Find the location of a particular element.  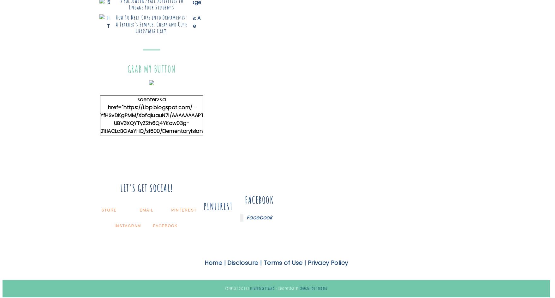

'Email' is located at coordinates (146, 209).